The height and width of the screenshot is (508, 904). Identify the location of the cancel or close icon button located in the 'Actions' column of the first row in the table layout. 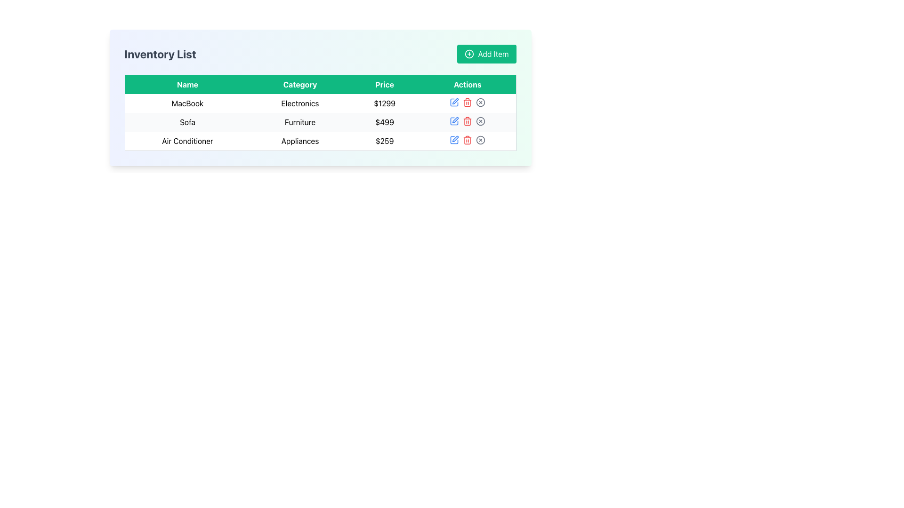
(481, 103).